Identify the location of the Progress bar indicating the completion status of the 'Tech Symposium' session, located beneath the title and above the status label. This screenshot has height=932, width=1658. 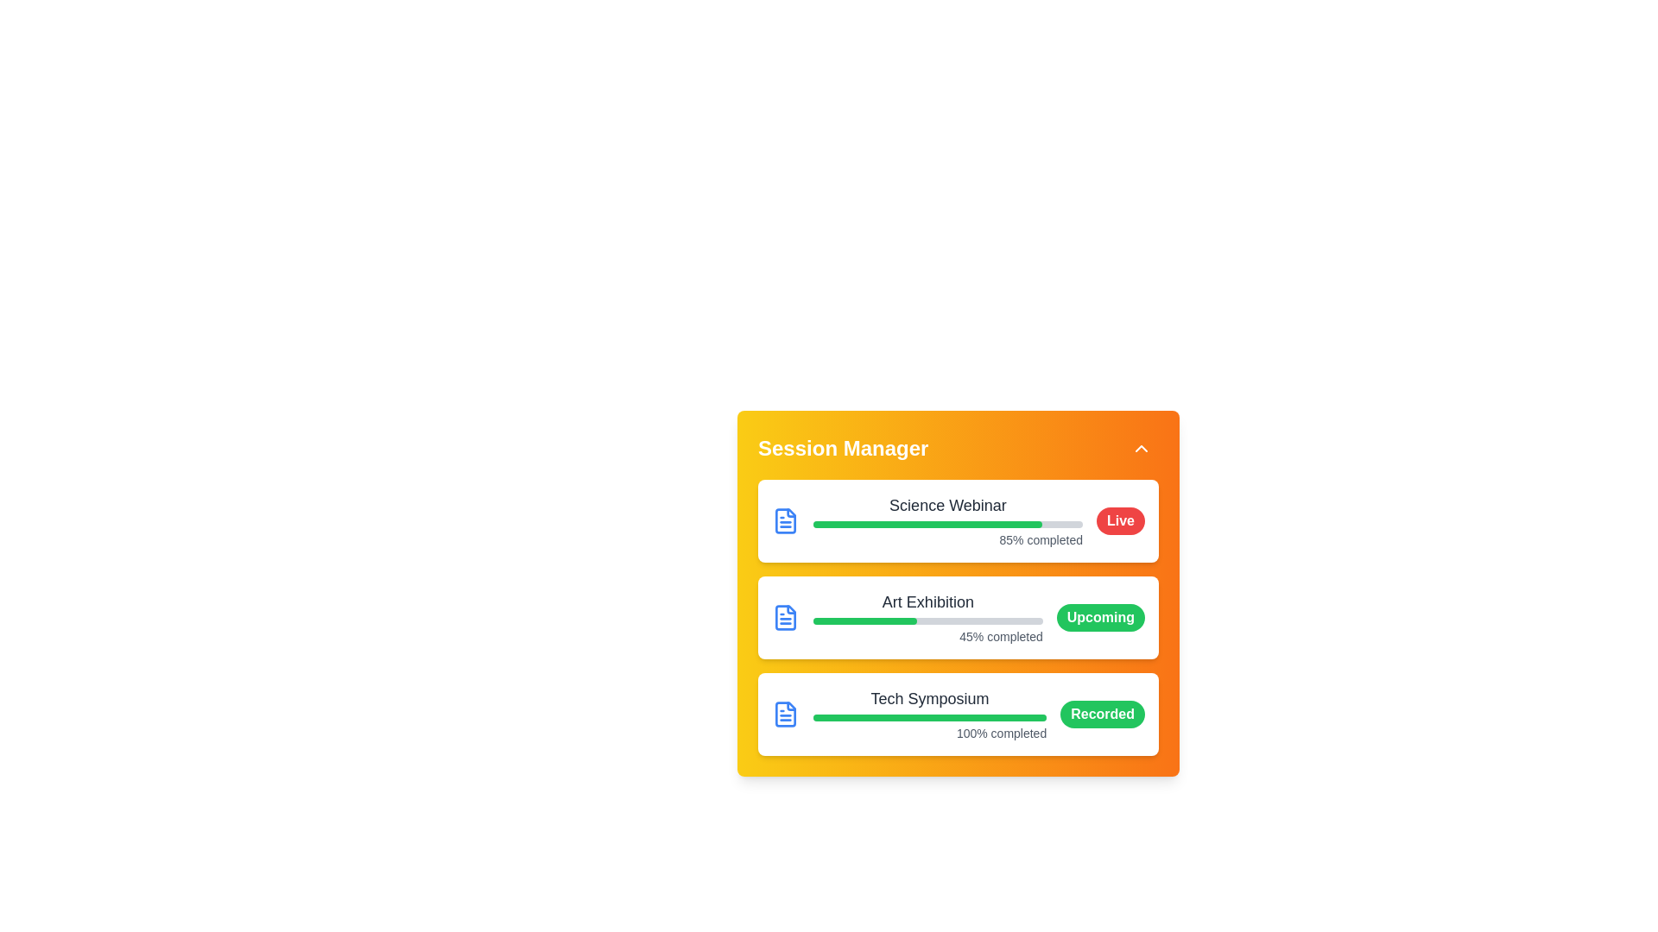
(929, 718).